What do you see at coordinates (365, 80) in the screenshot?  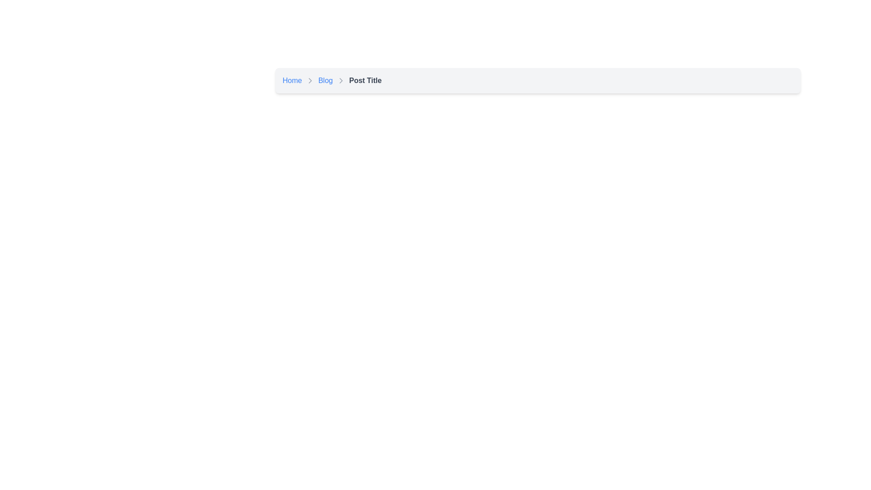 I see `the 'Post Title' text label on the breadcrumb navigation bar, which is styled in bold and dark gray, located on the rightmost side after the 'Blog' link` at bounding box center [365, 80].